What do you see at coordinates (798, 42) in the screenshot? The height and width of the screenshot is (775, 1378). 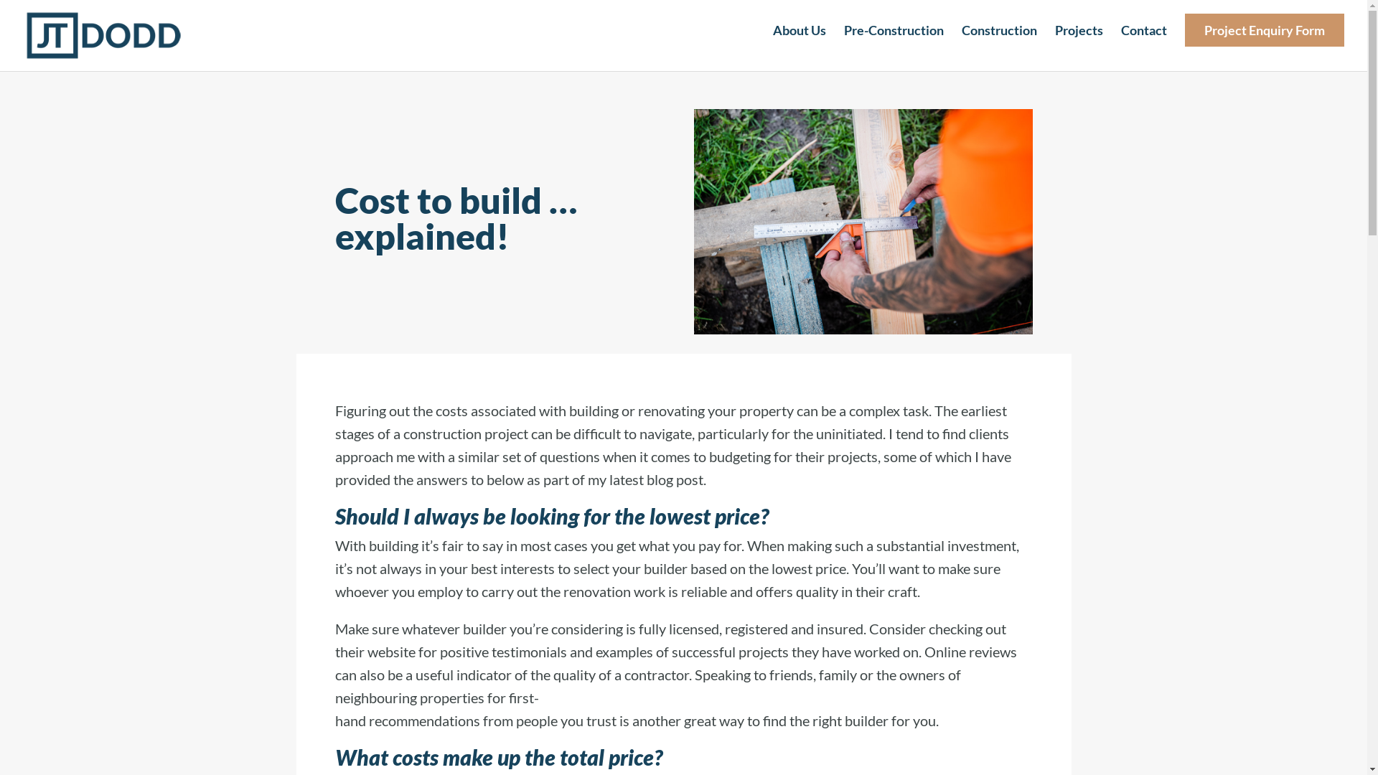 I see `'About Us'` at bounding box center [798, 42].